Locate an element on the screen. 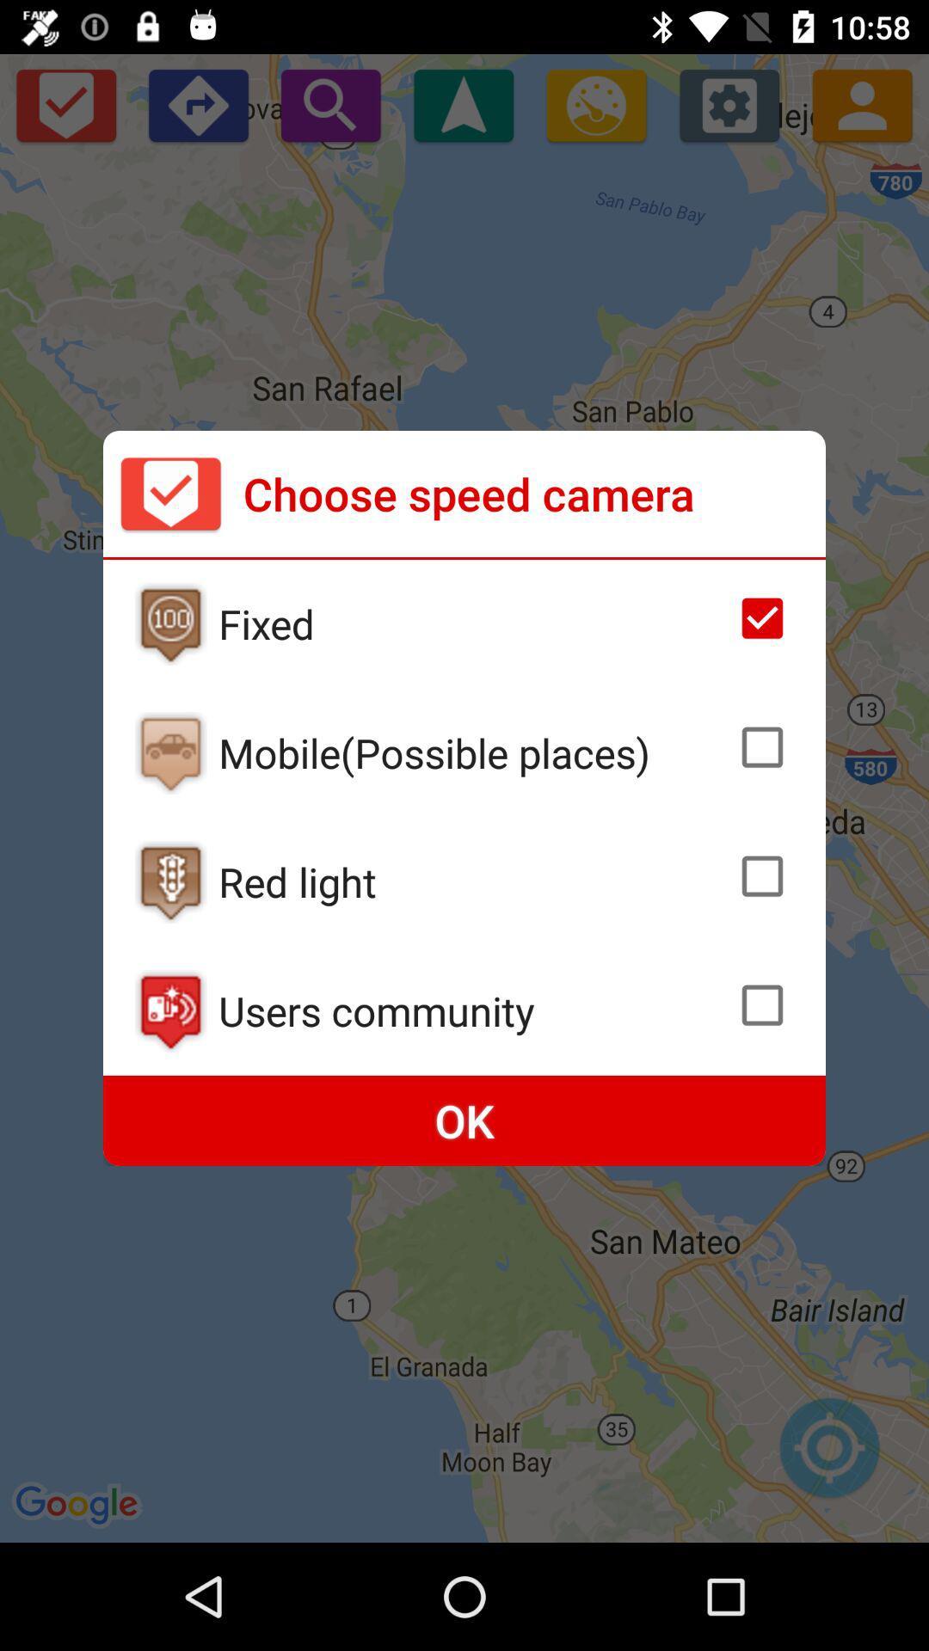  the icon to the left of choose speed camera icon is located at coordinates (170, 493).